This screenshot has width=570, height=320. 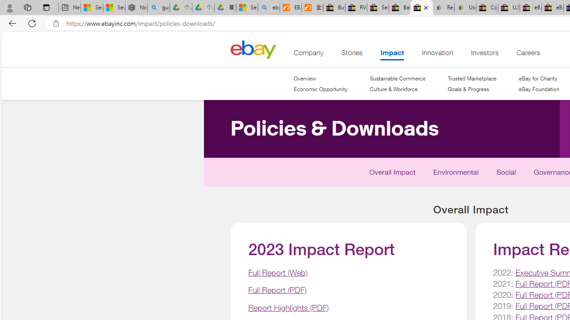 What do you see at coordinates (277, 290) in the screenshot?
I see `'Full Report (PDF)'` at bounding box center [277, 290].